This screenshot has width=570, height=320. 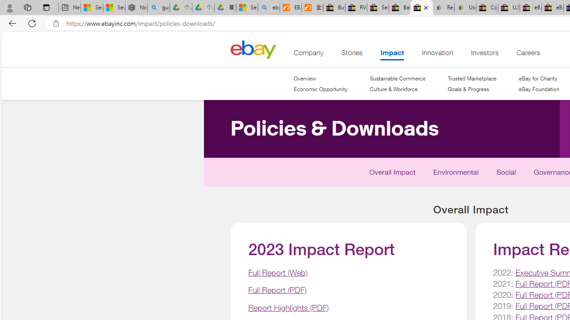 What do you see at coordinates (277, 290) in the screenshot?
I see `'Full Report (PDF)'` at bounding box center [277, 290].